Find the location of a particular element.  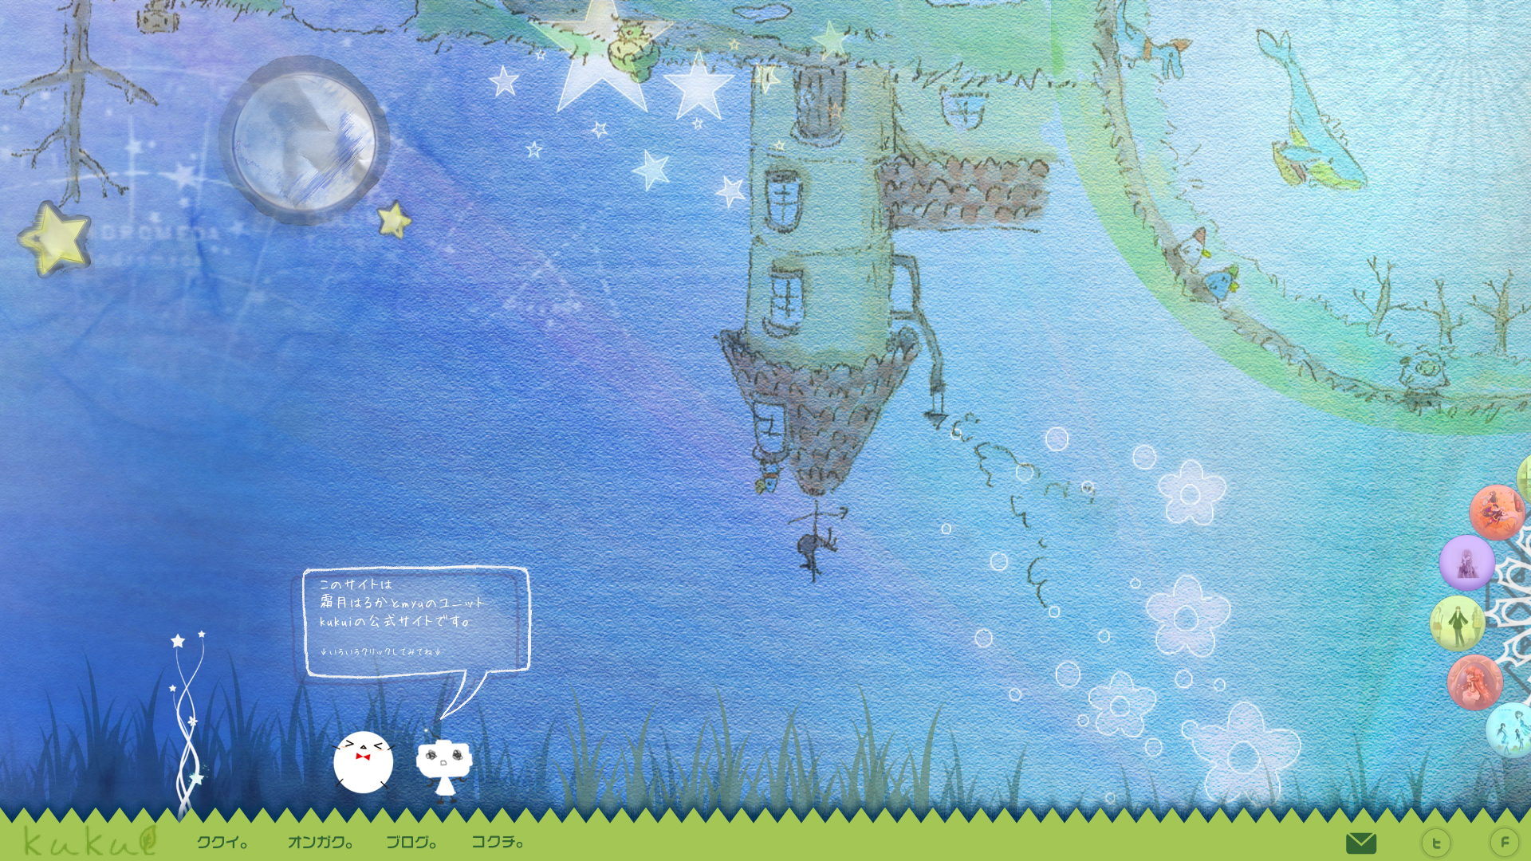

'Click to enlarge' is located at coordinates (1466, 561).